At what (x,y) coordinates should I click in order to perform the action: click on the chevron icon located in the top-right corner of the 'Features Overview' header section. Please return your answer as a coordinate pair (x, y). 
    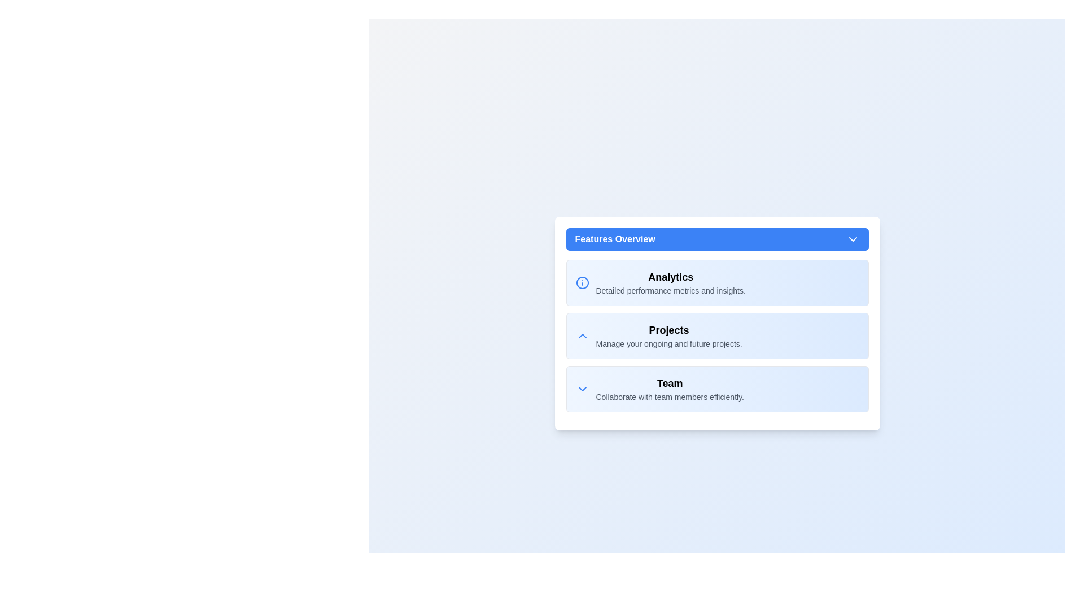
    Looking at the image, I should click on (853, 239).